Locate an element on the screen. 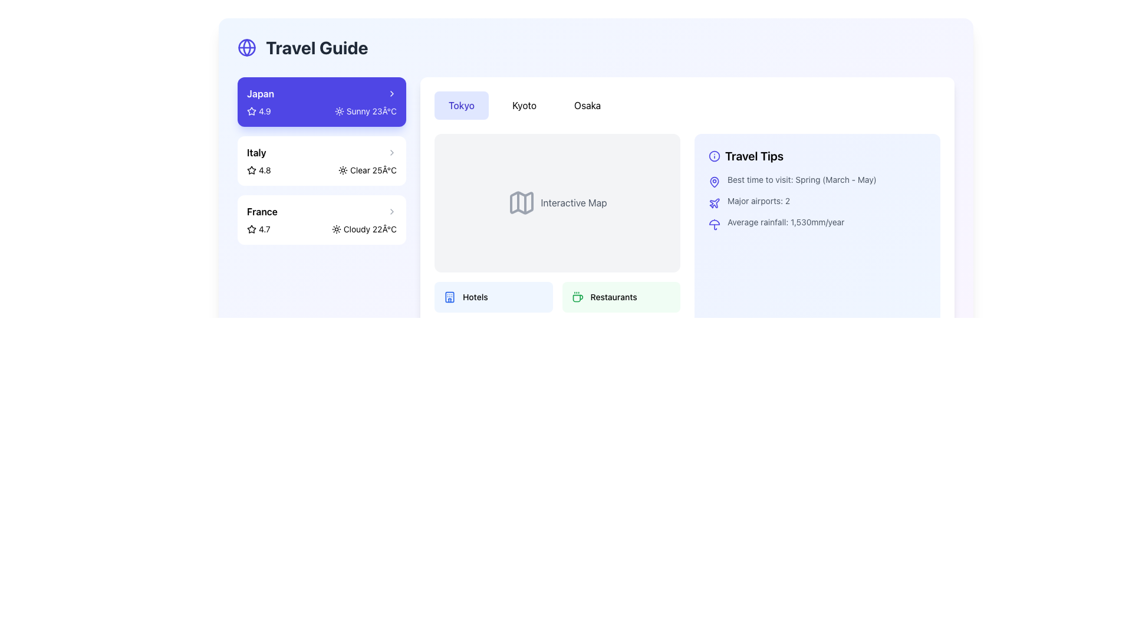 This screenshot has height=637, width=1132. the text label displaying the numeric value '4.9' located next to the star icon in the left-hand panel for Japan is located at coordinates (258, 111).